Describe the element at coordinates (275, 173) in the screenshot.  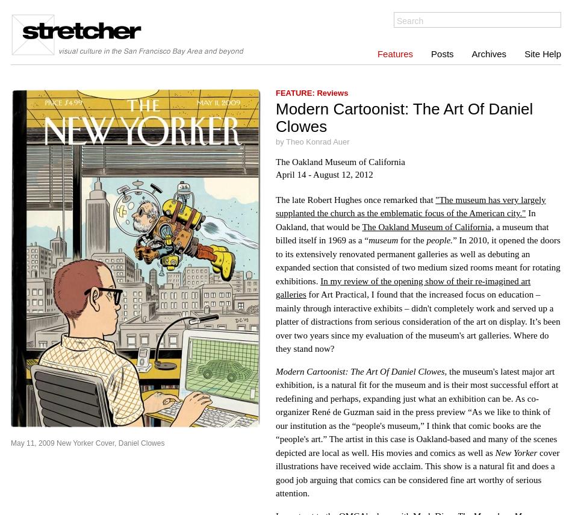
I see `'April 14 - August 12, 2012'` at that location.